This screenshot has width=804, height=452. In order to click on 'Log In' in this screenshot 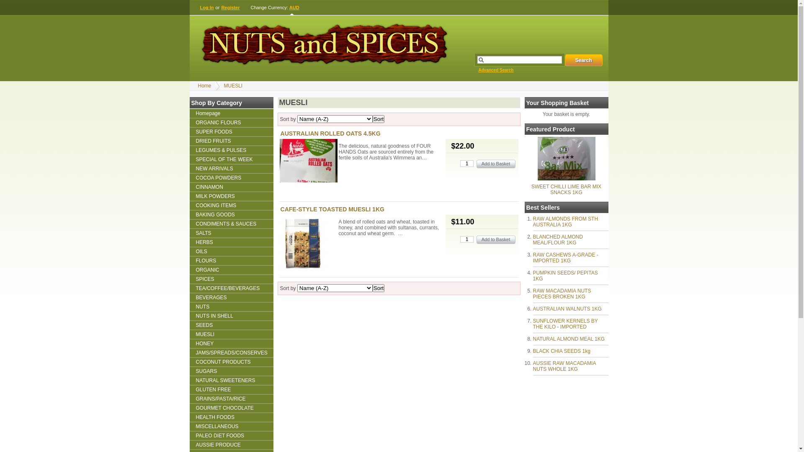, I will do `click(207, 8)`.